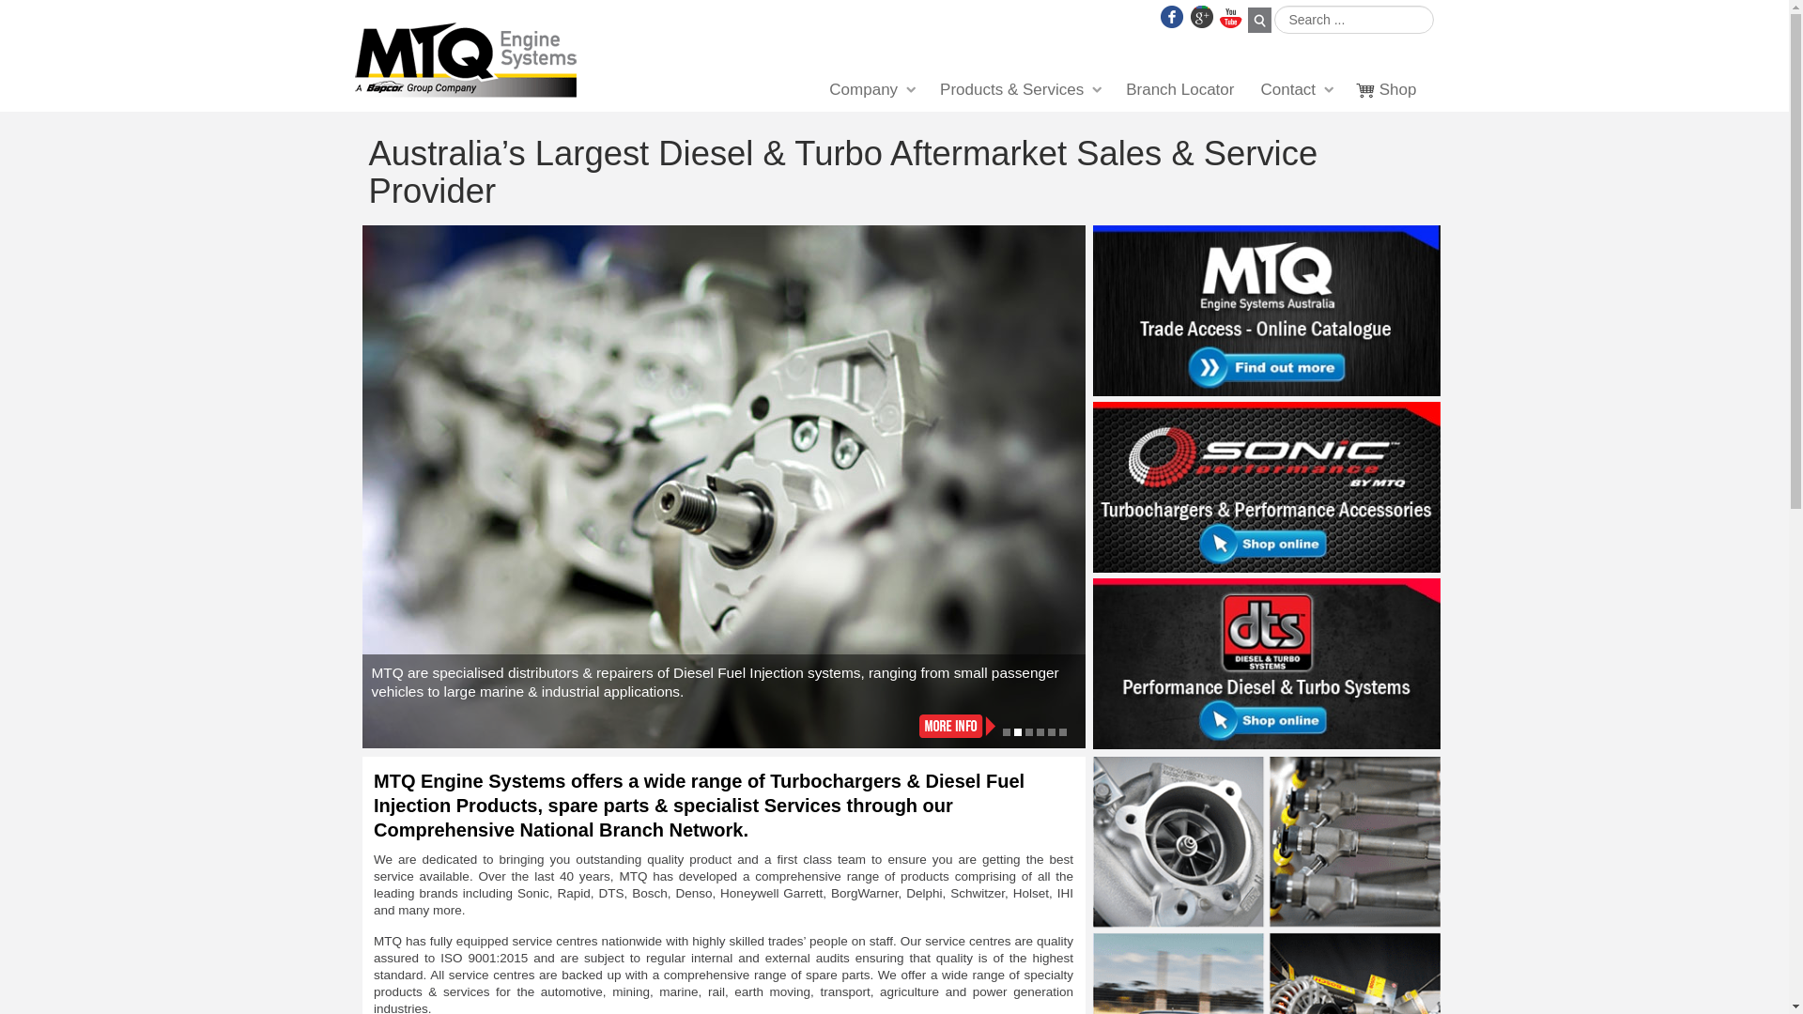 This screenshot has height=1014, width=1803. What do you see at coordinates (1258, 20) in the screenshot?
I see `'Search'` at bounding box center [1258, 20].